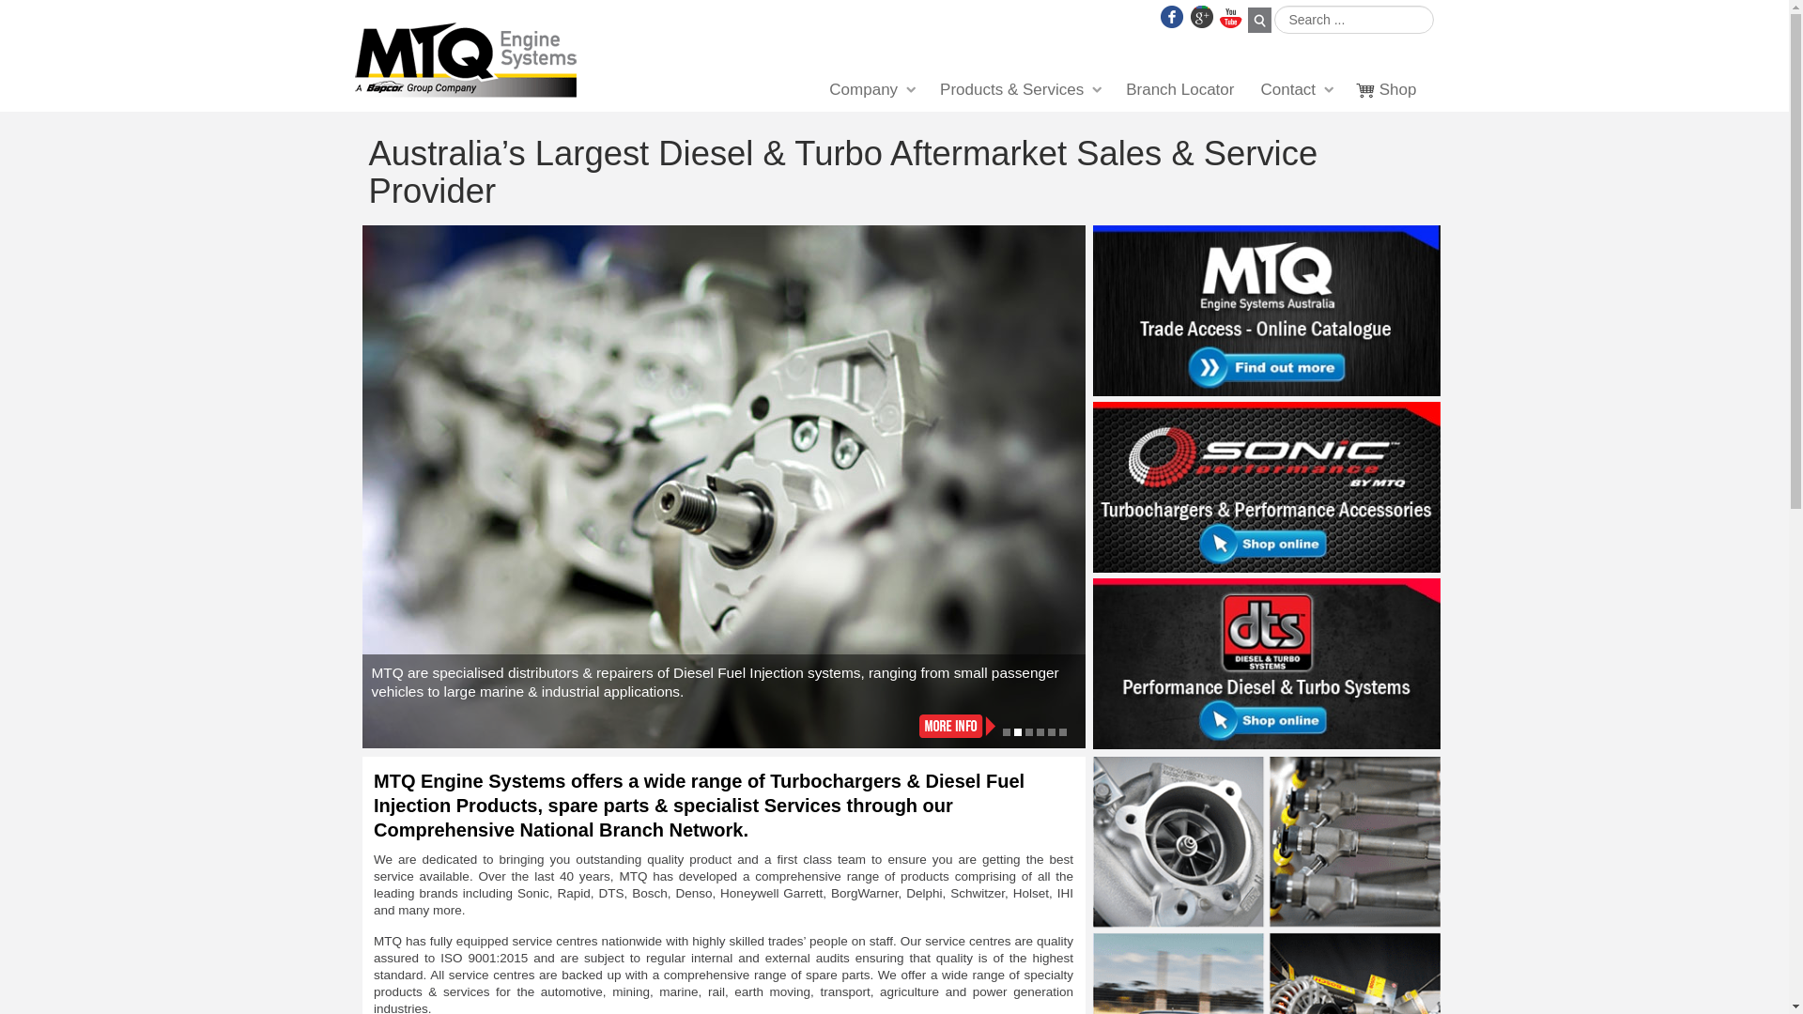 This screenshot has height=1014, width=1803. What do you see at coordinates (1258, 20) in the screenshot?
I see `'Search'` at bounding box center [1258, 20].